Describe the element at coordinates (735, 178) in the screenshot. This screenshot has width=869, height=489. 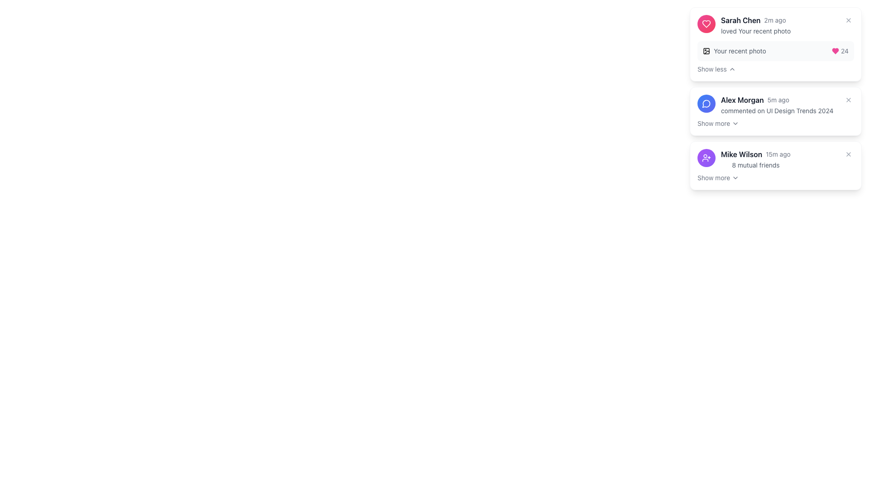
I see `the chevron icon located to the right of the 'Show more' text in the card titled 'Mike Wilson'` at that location.